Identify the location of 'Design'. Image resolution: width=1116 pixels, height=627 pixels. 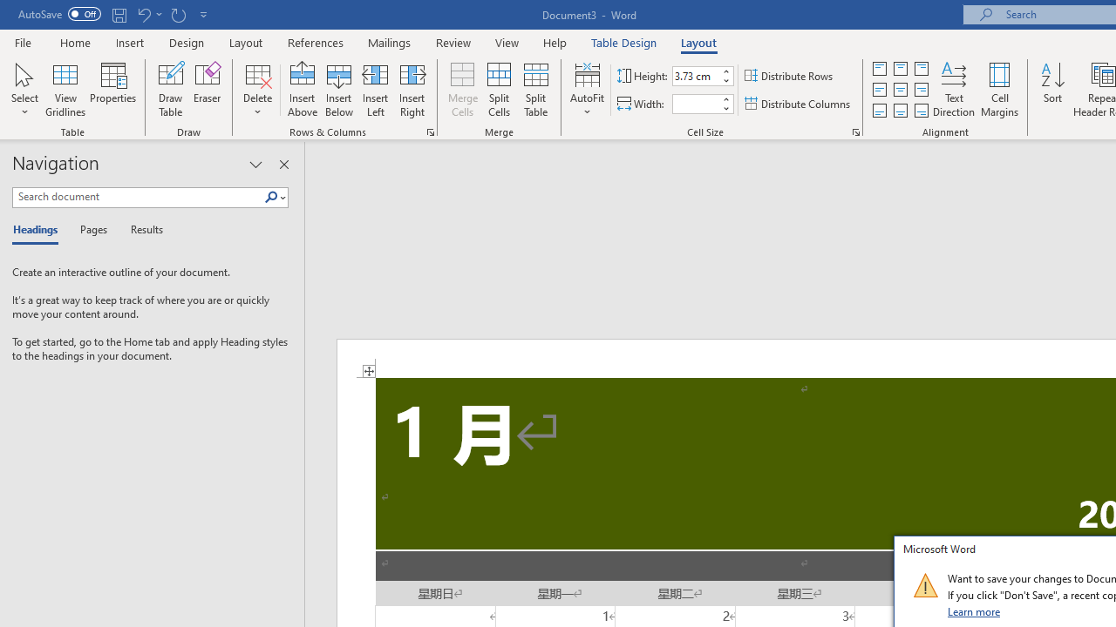
(187, 42).